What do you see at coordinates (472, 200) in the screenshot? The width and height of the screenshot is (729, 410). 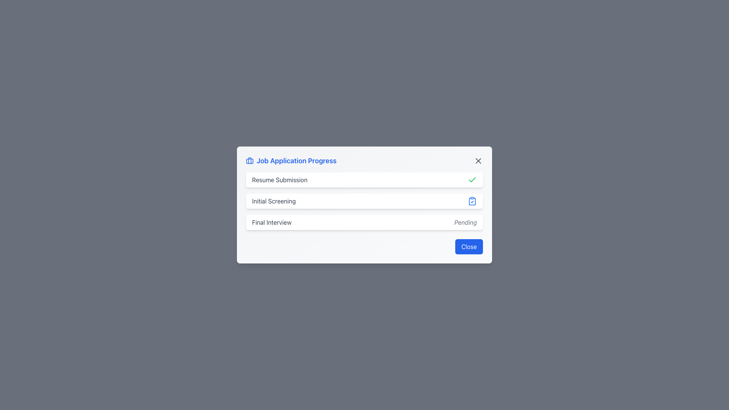 I see `the progress icon located to the right of the 'Initial Screening' text, which indicates the completion status of this step in the job application process` at bounding box center [472, 200].